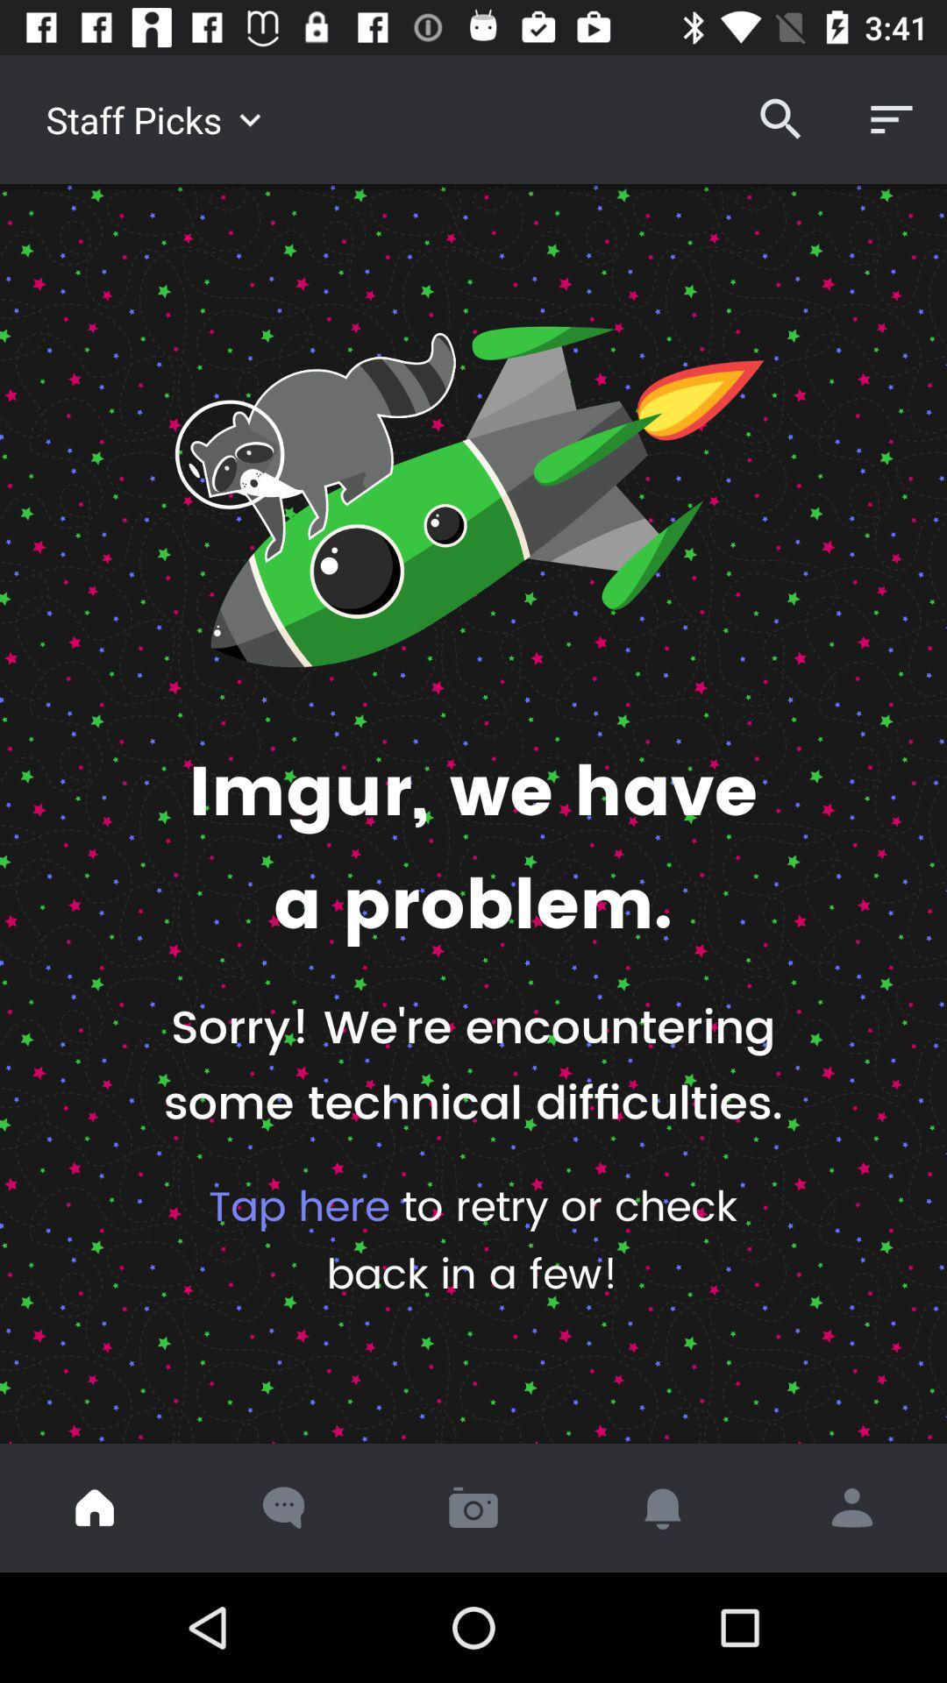 Image resolution: width=947 pixels, height=1683 pixels. What do you see at coordinates (851, 1507) in the screenshot?
I see `the avatar icon` at bounding box center [851, 1507].